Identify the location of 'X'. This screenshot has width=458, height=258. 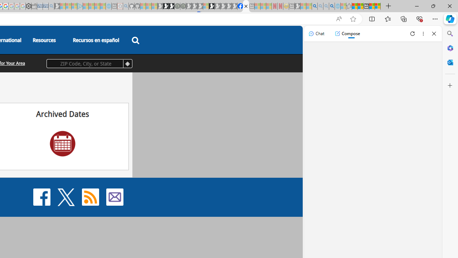
(66, 197).